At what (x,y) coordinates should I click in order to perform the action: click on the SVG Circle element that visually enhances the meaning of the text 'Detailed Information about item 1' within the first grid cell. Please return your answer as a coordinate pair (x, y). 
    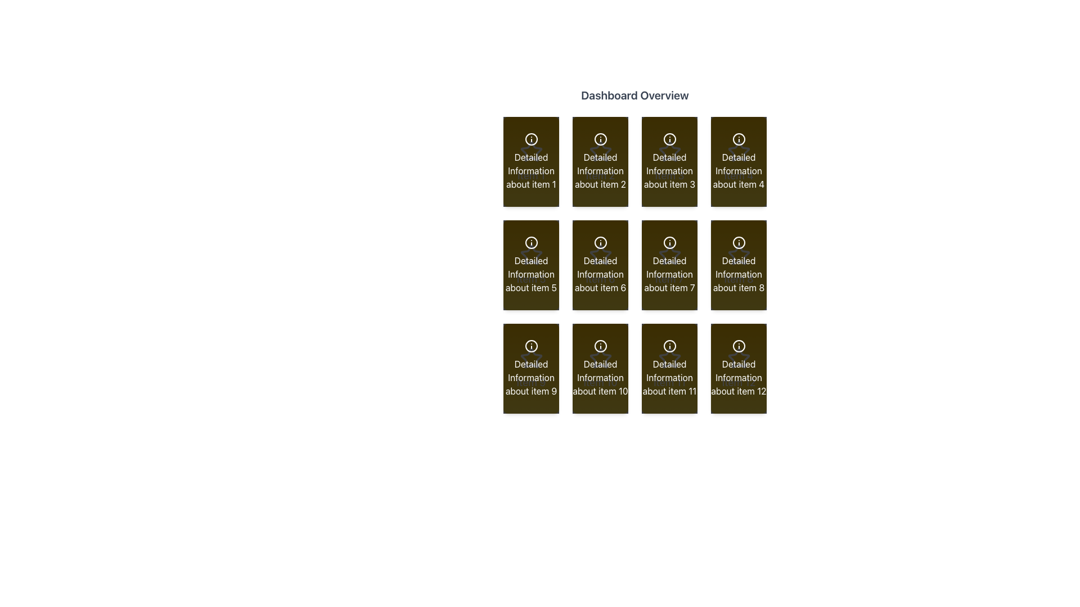
    Looking at the image, I should click on (530, 138).